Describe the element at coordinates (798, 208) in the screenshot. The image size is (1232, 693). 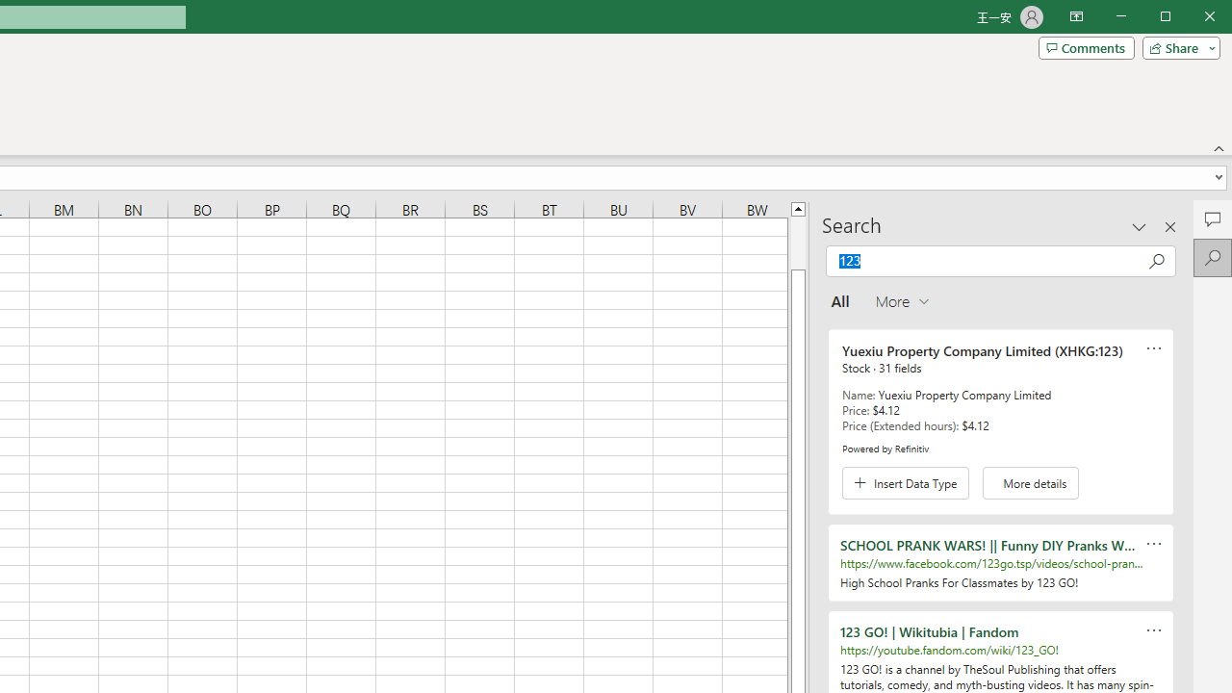
I see `'Line up'` at that location.